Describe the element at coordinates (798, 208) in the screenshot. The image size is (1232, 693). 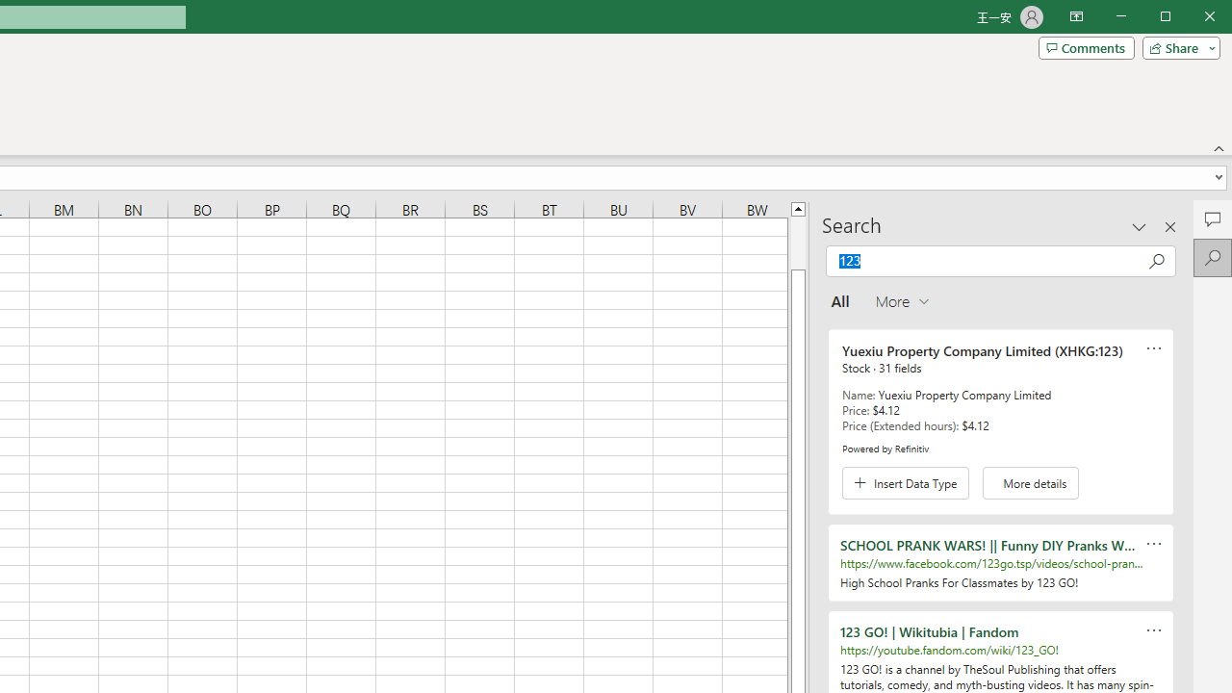
I see `'Line up'` at that location.